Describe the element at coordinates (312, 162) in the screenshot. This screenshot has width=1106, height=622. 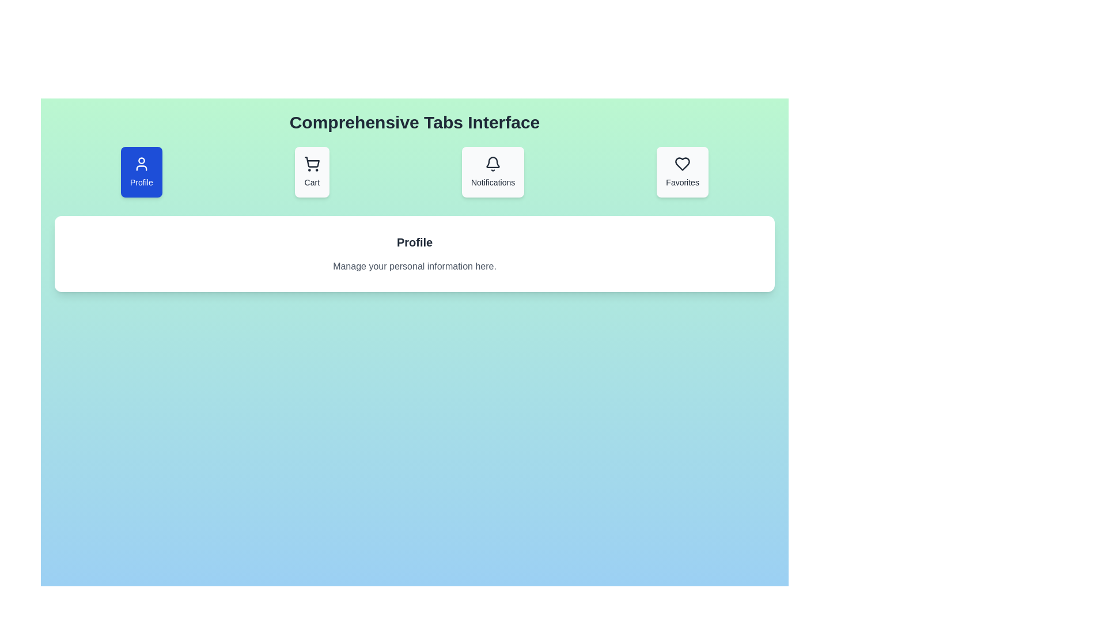
I see `the 'Cart' button icon located in the top-center of the interface` at that location.